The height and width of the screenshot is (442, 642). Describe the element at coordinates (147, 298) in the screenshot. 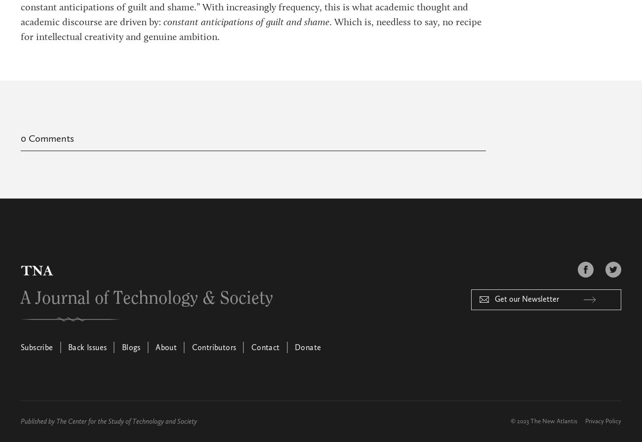

I see `'A Journal of Technology & Society'` at that location.